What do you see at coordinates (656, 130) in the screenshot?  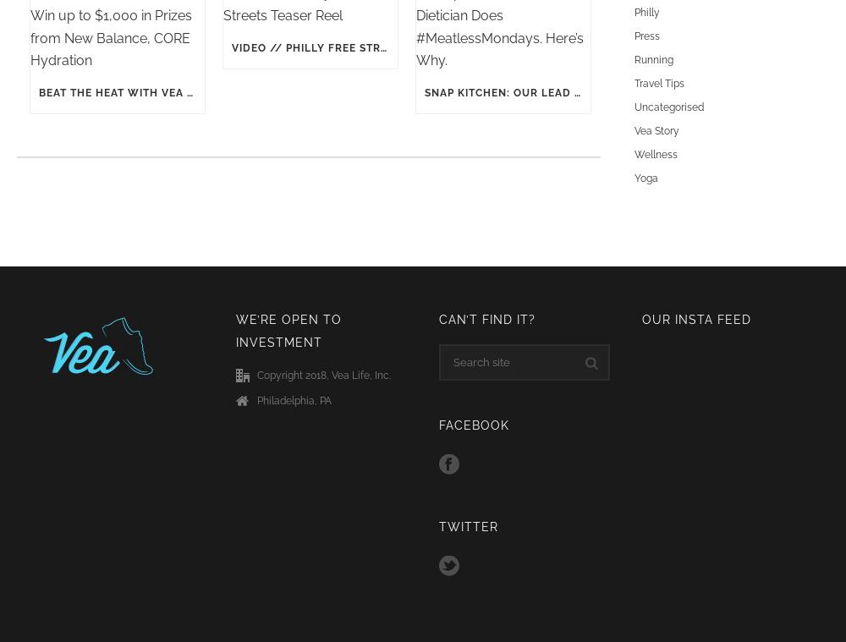 I see `'Vea Story'` at bounding box center [656, 130].